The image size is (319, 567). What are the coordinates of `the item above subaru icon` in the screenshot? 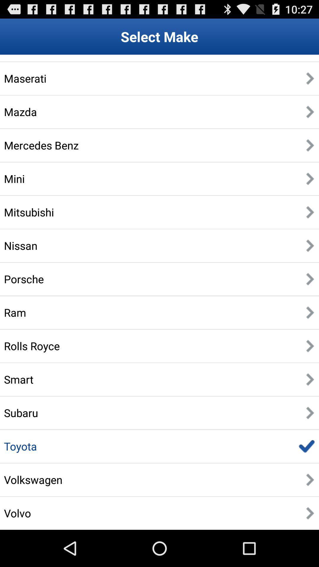 It's located at (18, 379).